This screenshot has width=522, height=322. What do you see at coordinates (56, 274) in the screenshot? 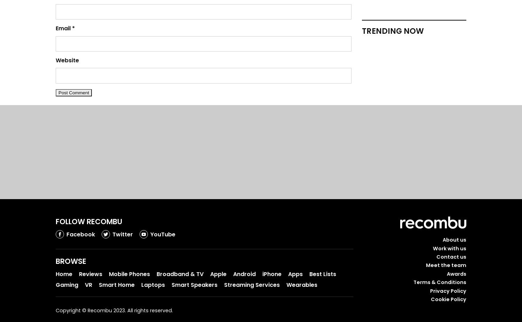
I see `'Home'` at bounding box center [56, 274].